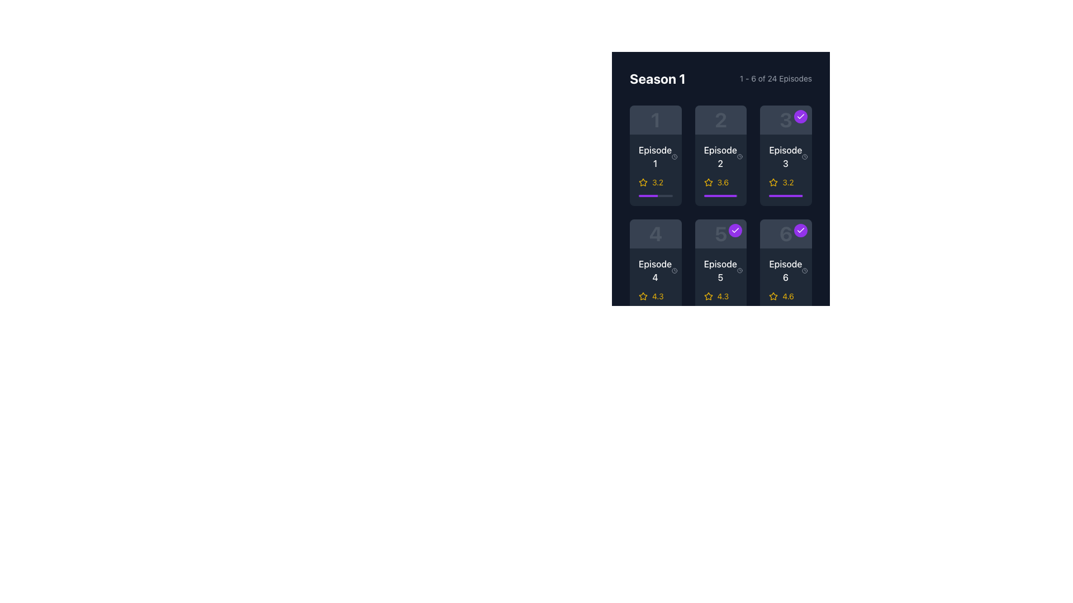 This screenshot has width=1073, height=603. What do you see at coordinates (721, 182) in the screenshot?
I see `the Rating display element, which consists of a yellow star icon and the text '3.6', located below 'Episode 2' in the second column of the first row of the episode listing` at bounding box center [721, 182].